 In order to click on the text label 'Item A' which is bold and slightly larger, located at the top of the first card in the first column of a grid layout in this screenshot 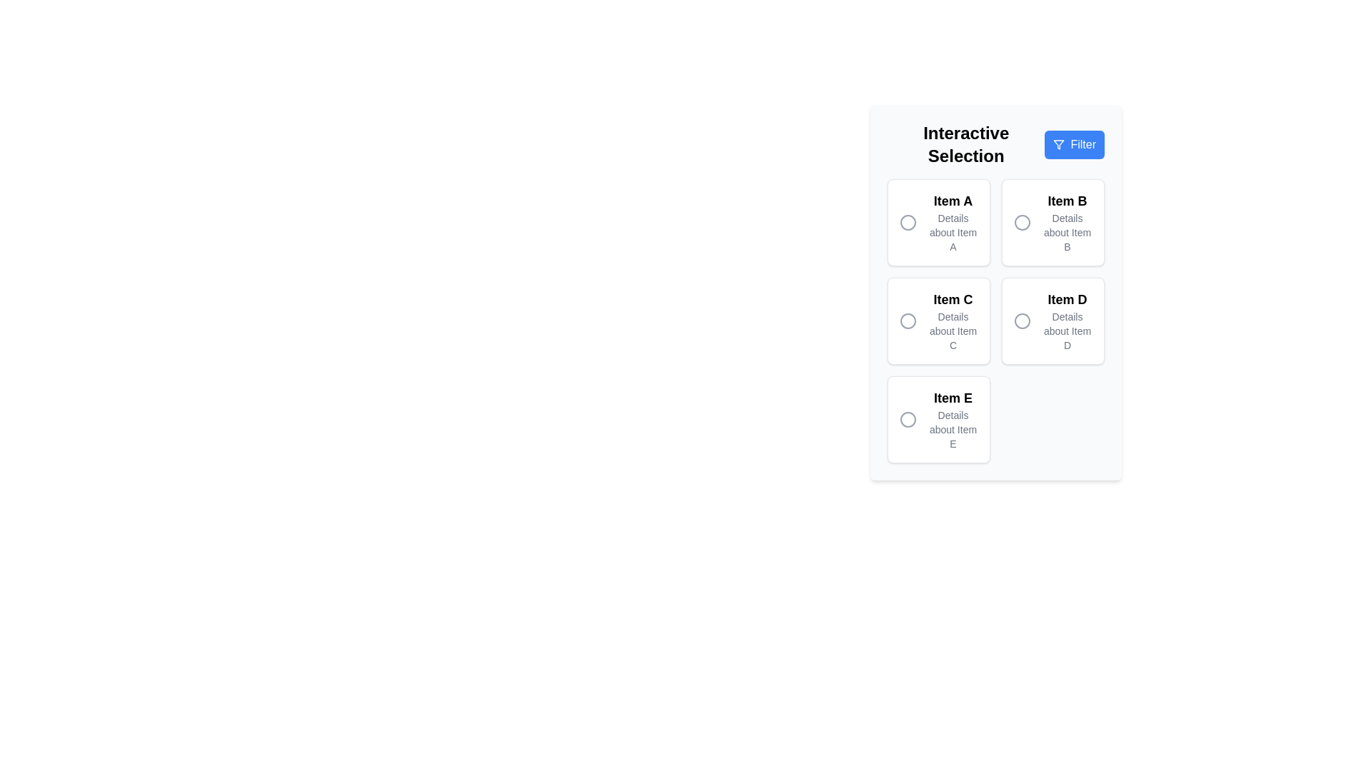, I will do `click(953, 201)`.